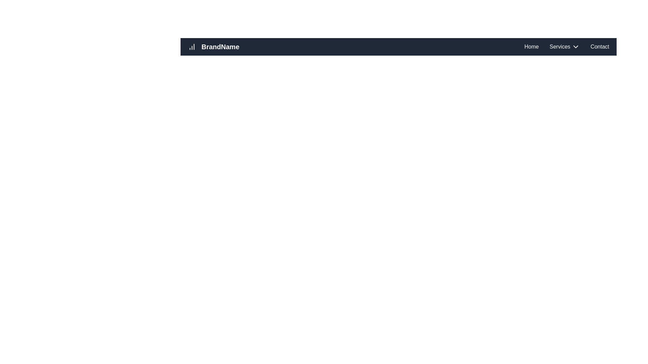  What do you see at coordinates (600, 46) in the screenshot?
I see `the navigation link on the far right side of the top navigation bar` at bounding box center [600, 46].